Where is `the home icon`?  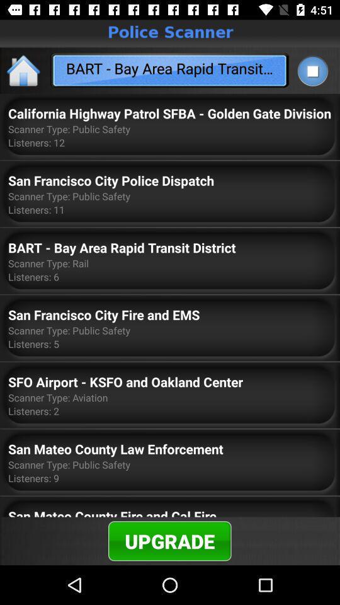 the home icon is located at coordinates (24, 70).